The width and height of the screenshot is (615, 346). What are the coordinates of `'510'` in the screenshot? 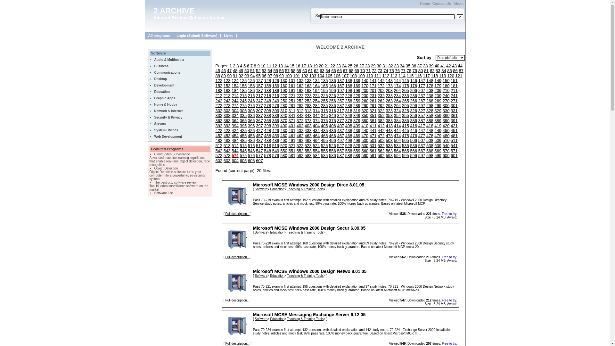 It's located at (446, 140).